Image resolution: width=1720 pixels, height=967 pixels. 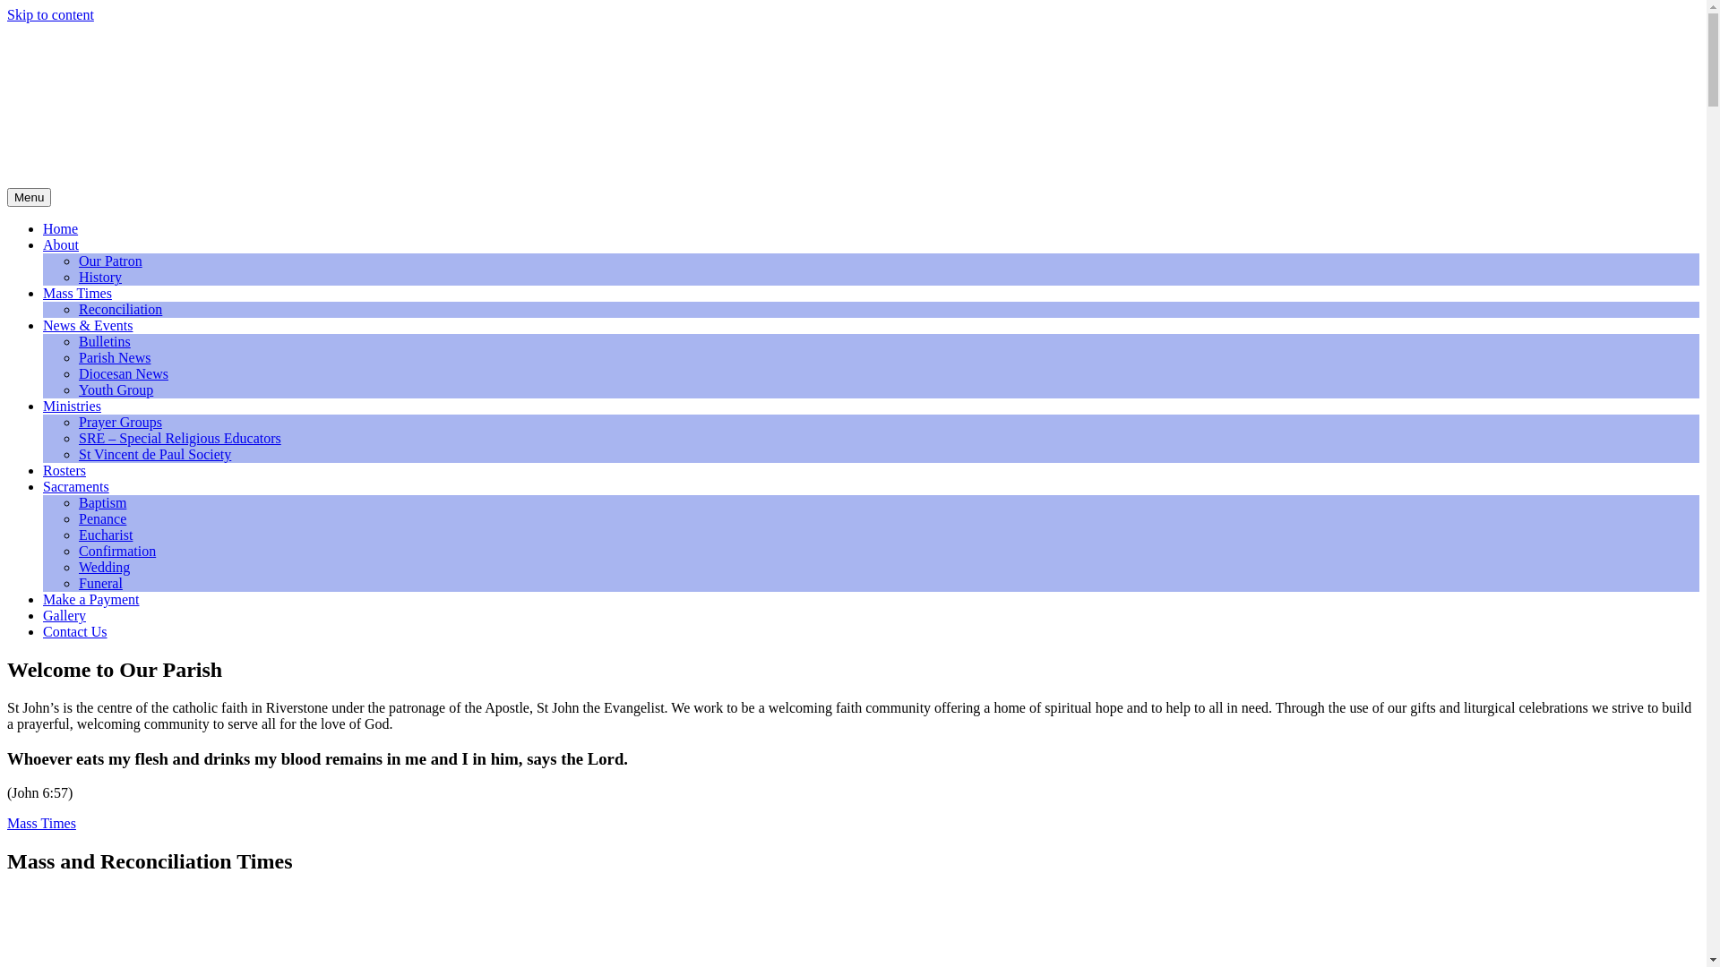 I want to click on 'Diocesan News', so click(x=123, y=372).